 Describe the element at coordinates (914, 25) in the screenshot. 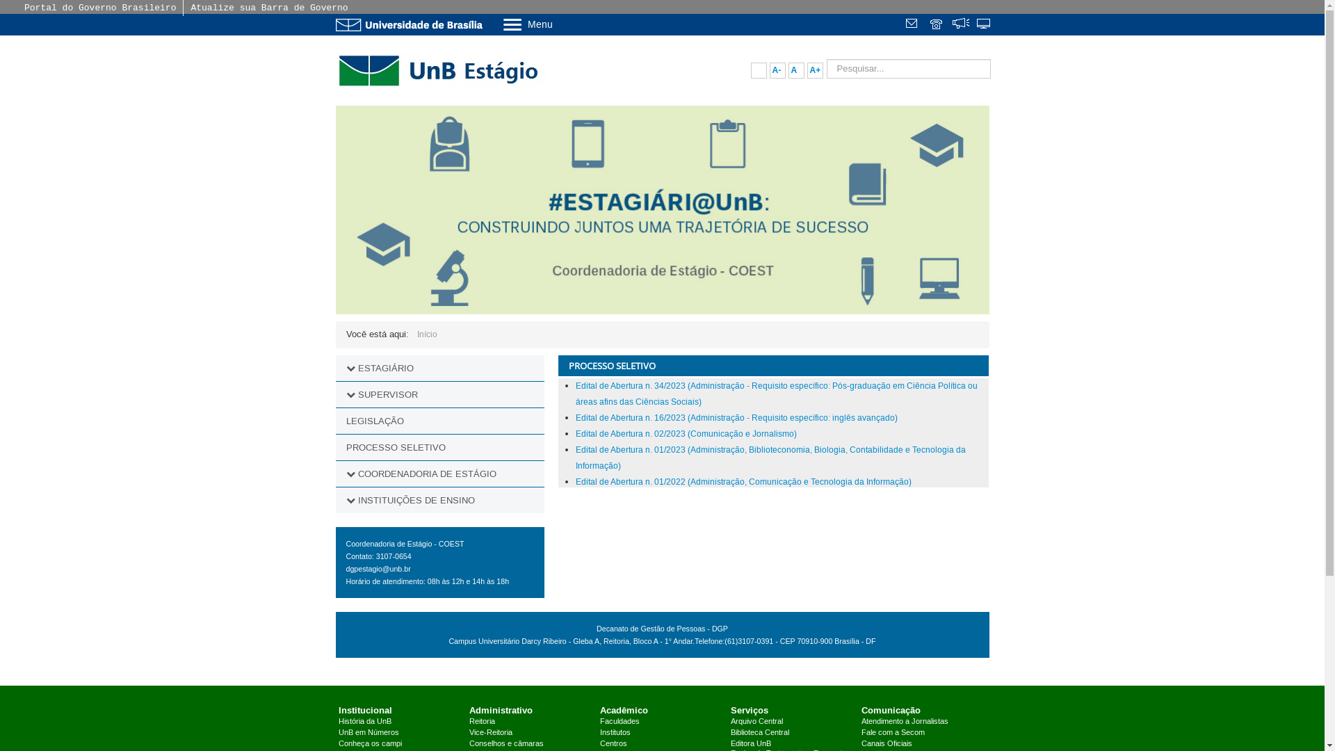

I see `'Webmail'` at that location.